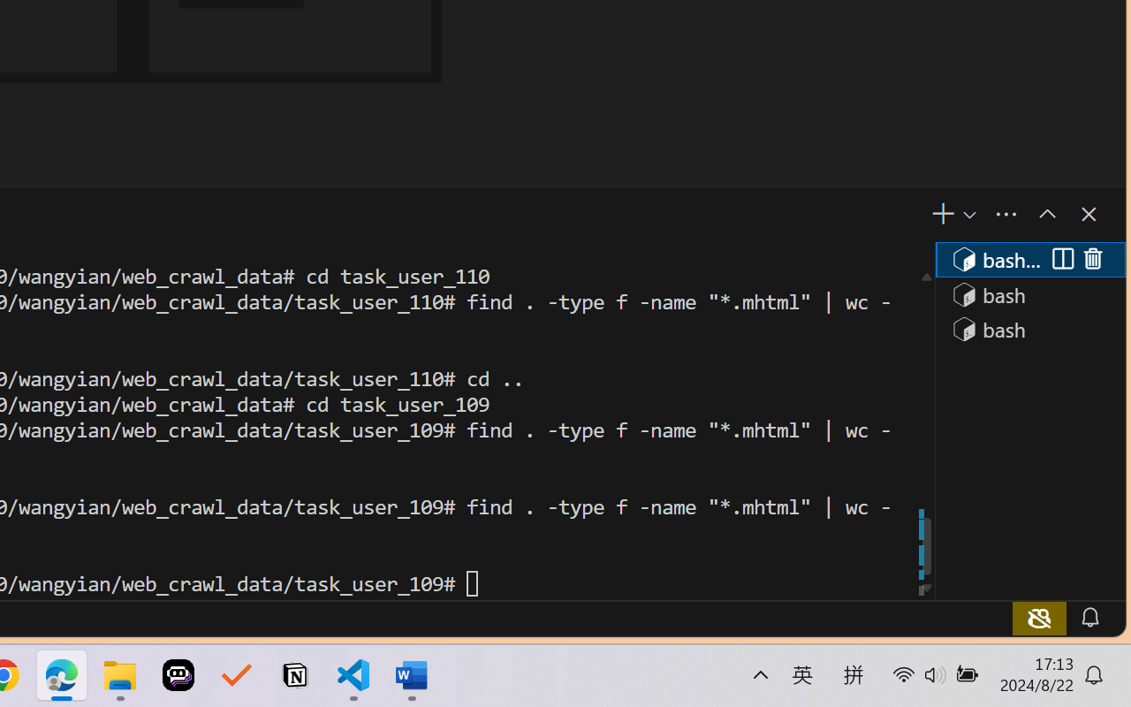 The height and width of the screenshot is (707, 1131). What do you see at coordinates (1029, 328) in the screenshot?
I see `'Terminal 3 bash'` at bounding box center [1029, 328].